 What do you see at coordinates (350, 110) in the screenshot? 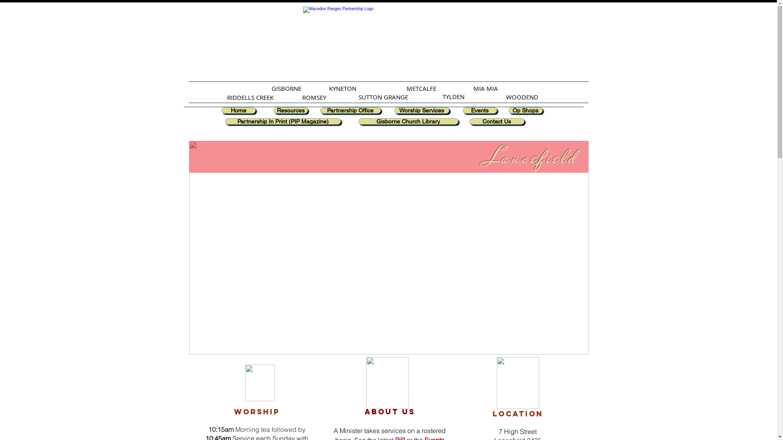
I see `'Partnership Office'` at bounding box center [350, 110].